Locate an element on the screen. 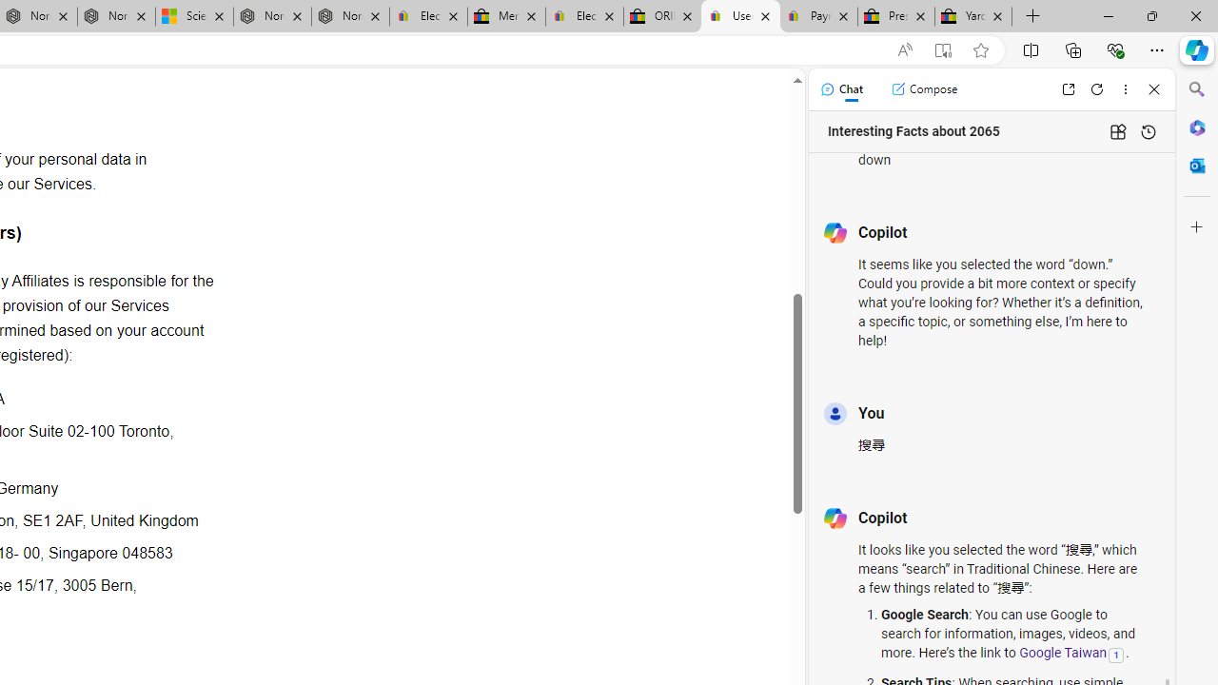 This screenshot has width=1218, height=685. 'Chat' is located at coordinates (840, 88).